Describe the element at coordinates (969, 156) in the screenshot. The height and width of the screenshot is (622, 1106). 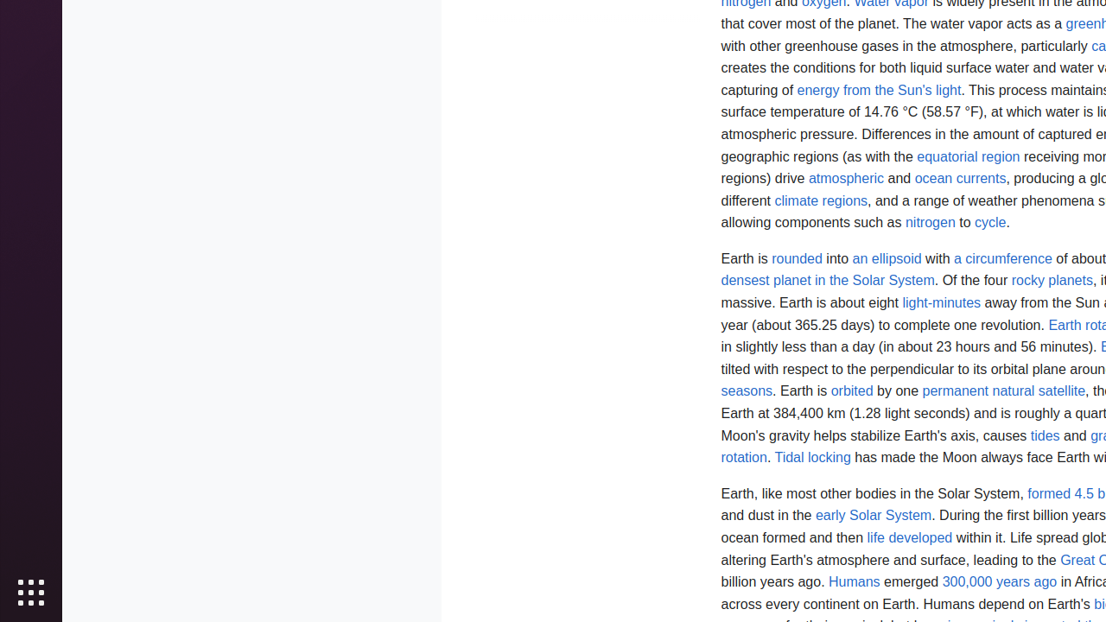
I see `'equatorial region'` at that location.